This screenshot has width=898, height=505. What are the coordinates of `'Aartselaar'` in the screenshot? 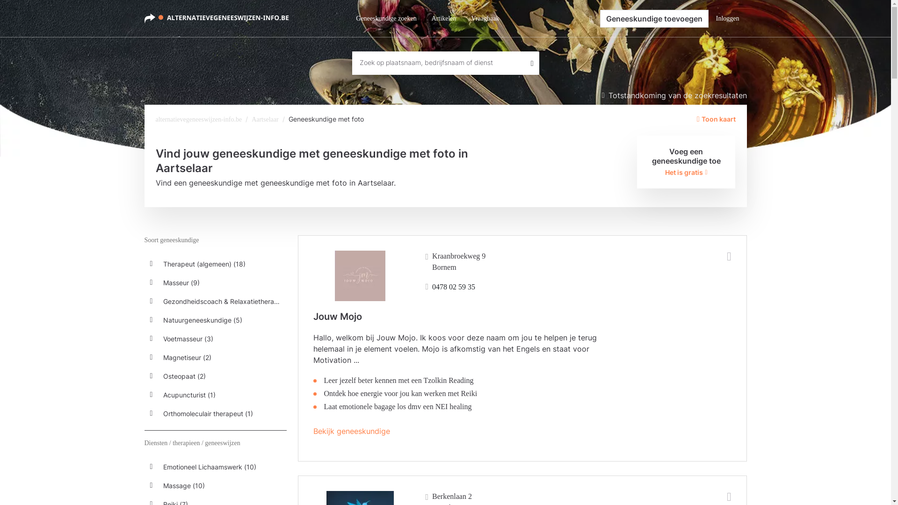 It's located at (264, 119).